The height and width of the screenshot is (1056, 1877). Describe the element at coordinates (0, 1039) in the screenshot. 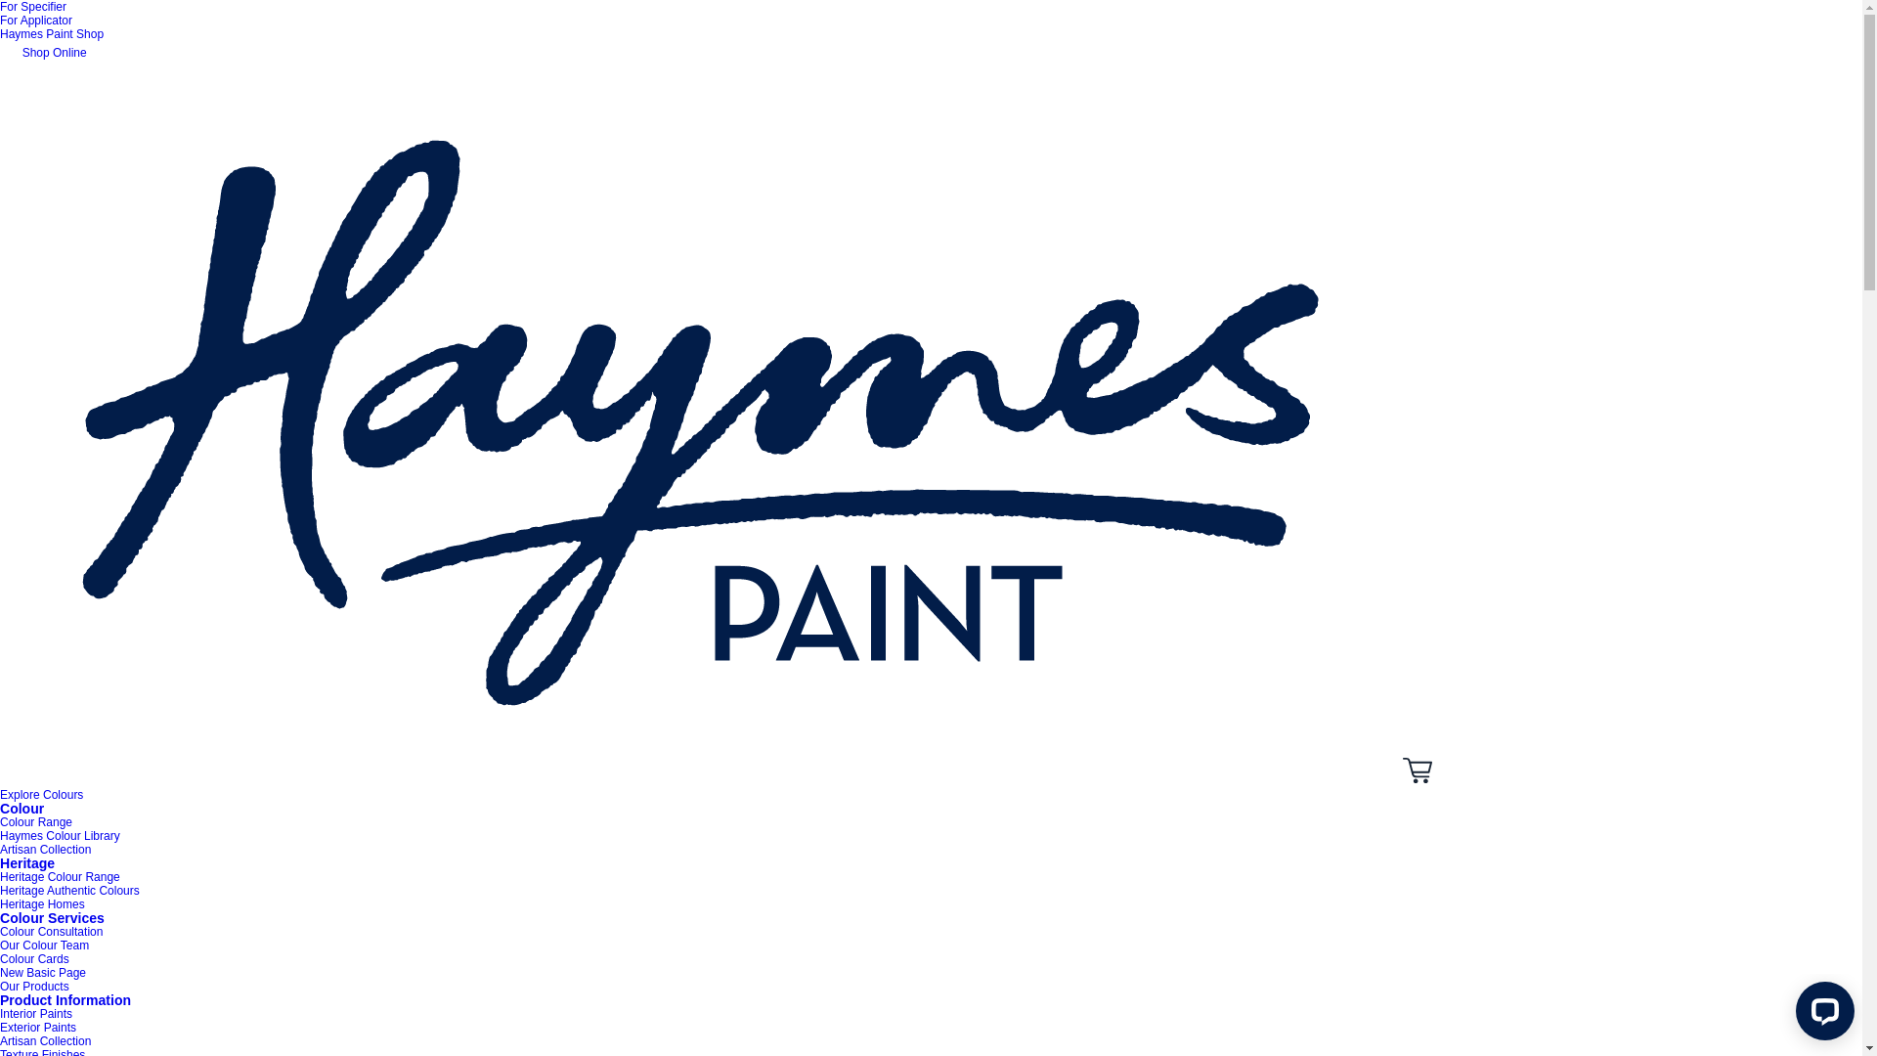

I see `'Artisan Collection'` at that location.